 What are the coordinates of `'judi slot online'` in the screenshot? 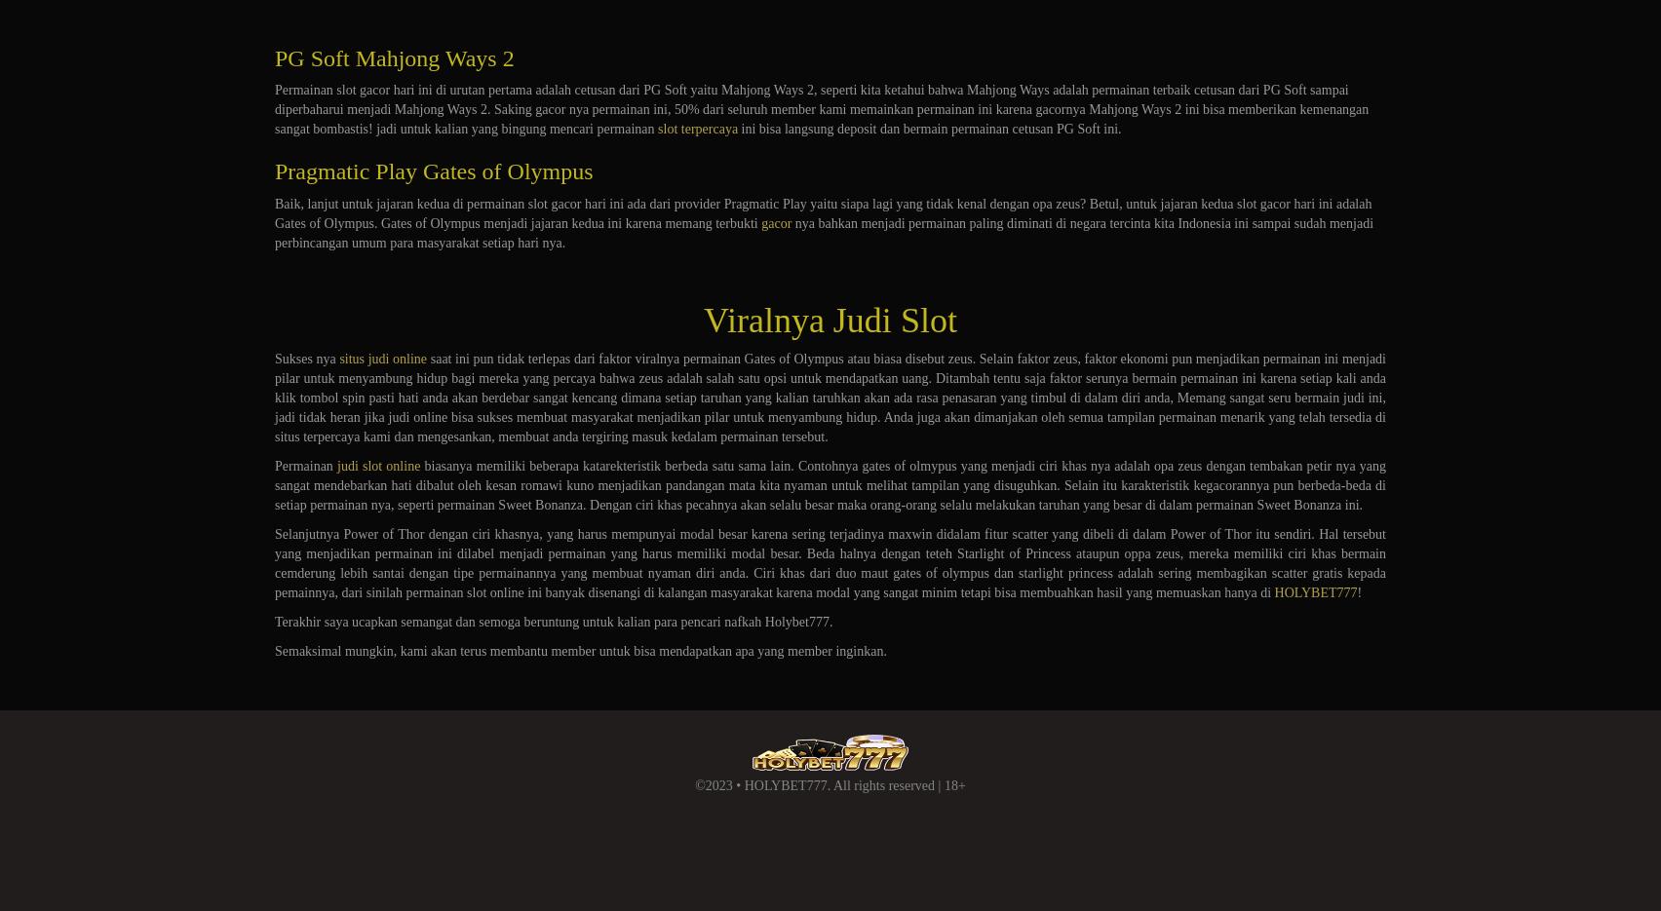 It's located at (377, 466).